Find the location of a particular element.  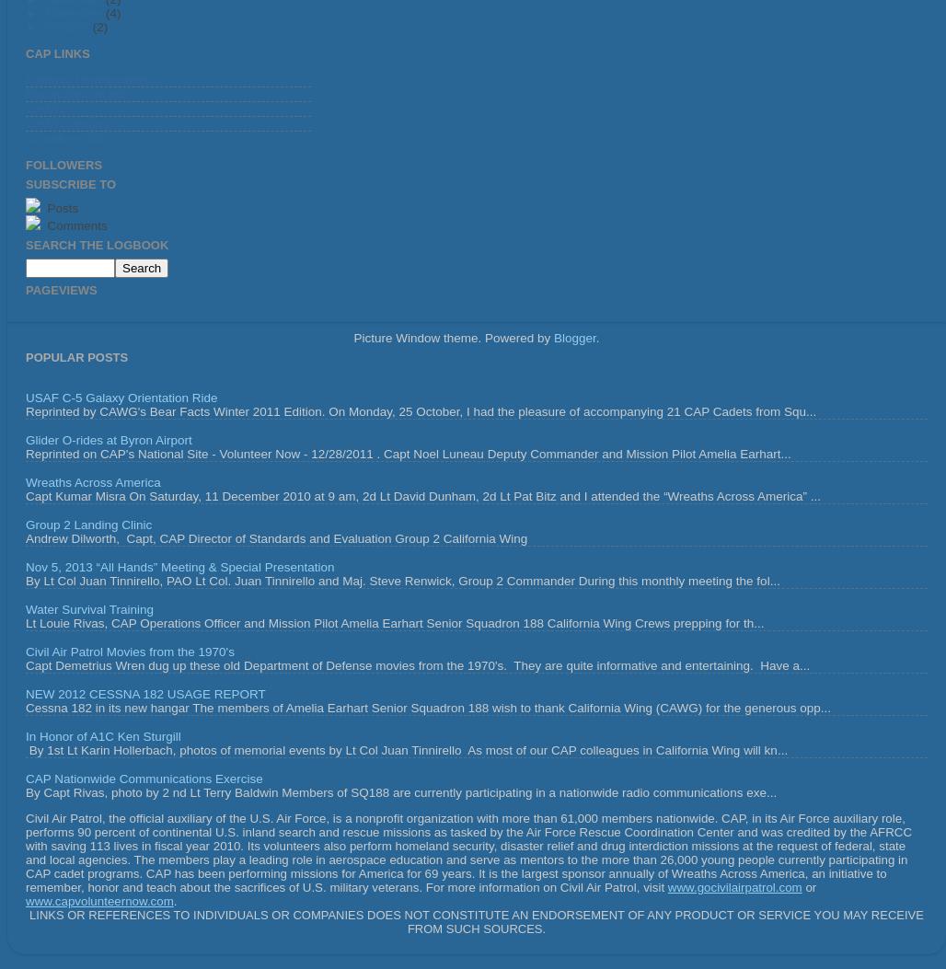

'Pacific Region HQ' is located at coordinates (75, 94).